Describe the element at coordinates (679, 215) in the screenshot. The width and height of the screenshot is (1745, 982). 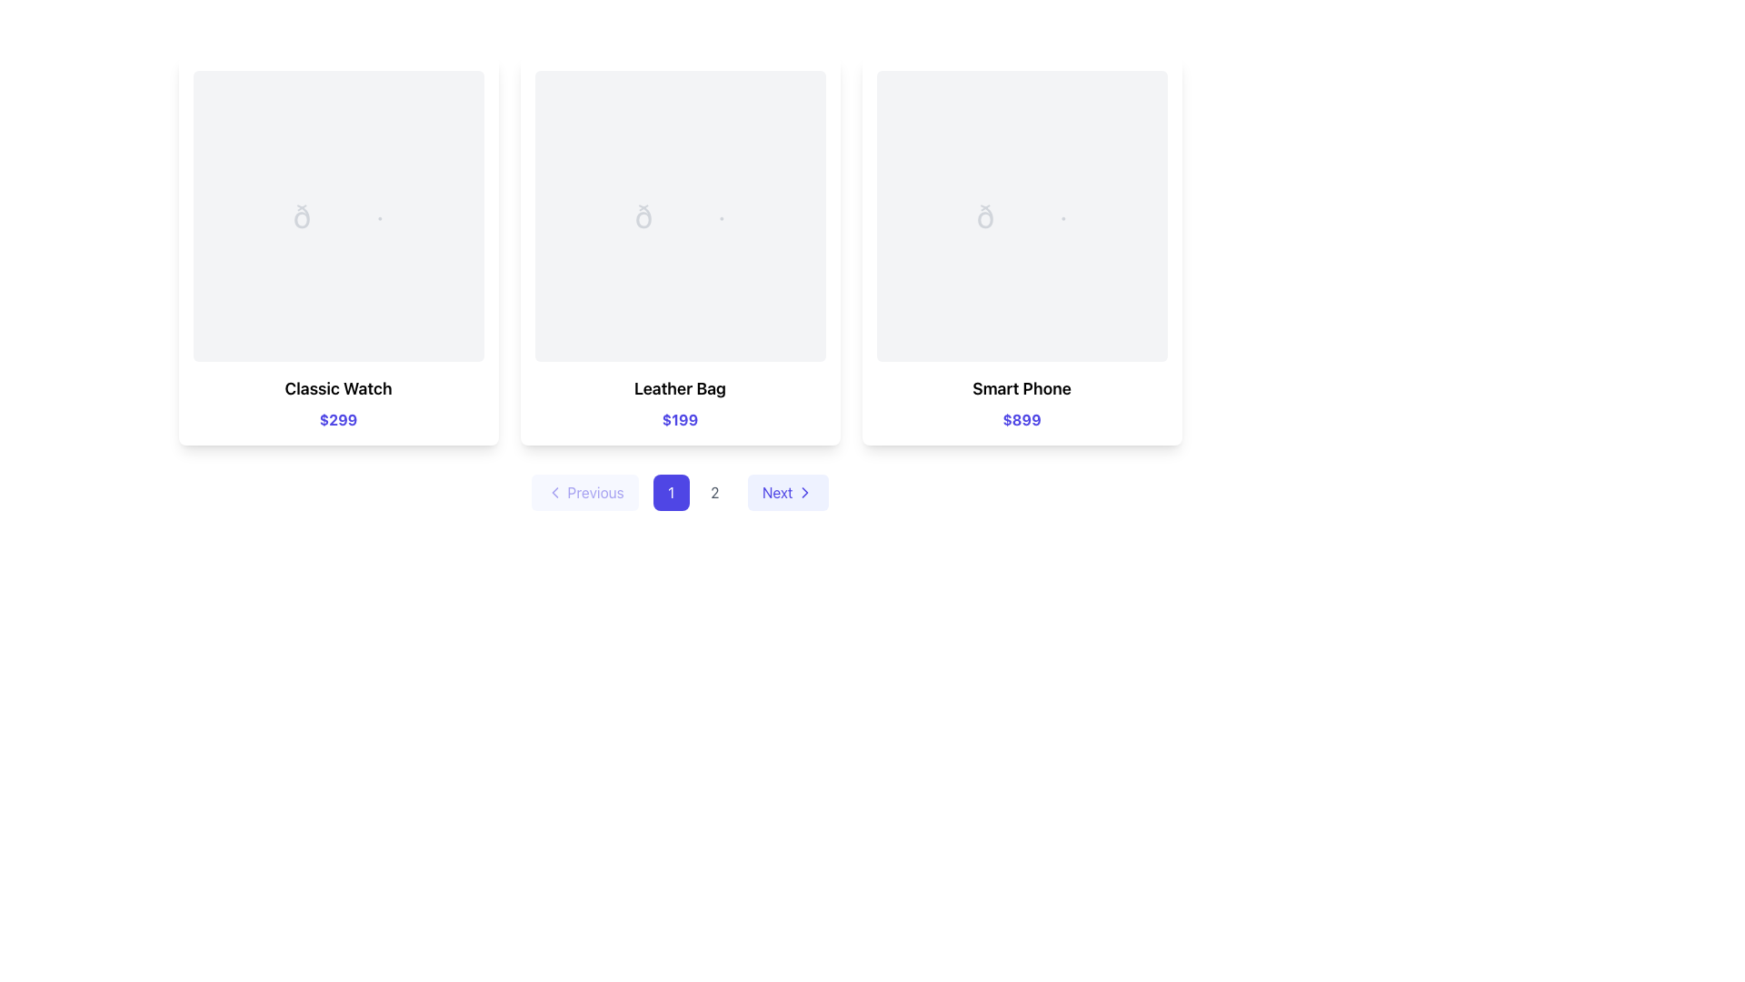
I see `the image placeholder for the 'Leather Bag' product` at that location.